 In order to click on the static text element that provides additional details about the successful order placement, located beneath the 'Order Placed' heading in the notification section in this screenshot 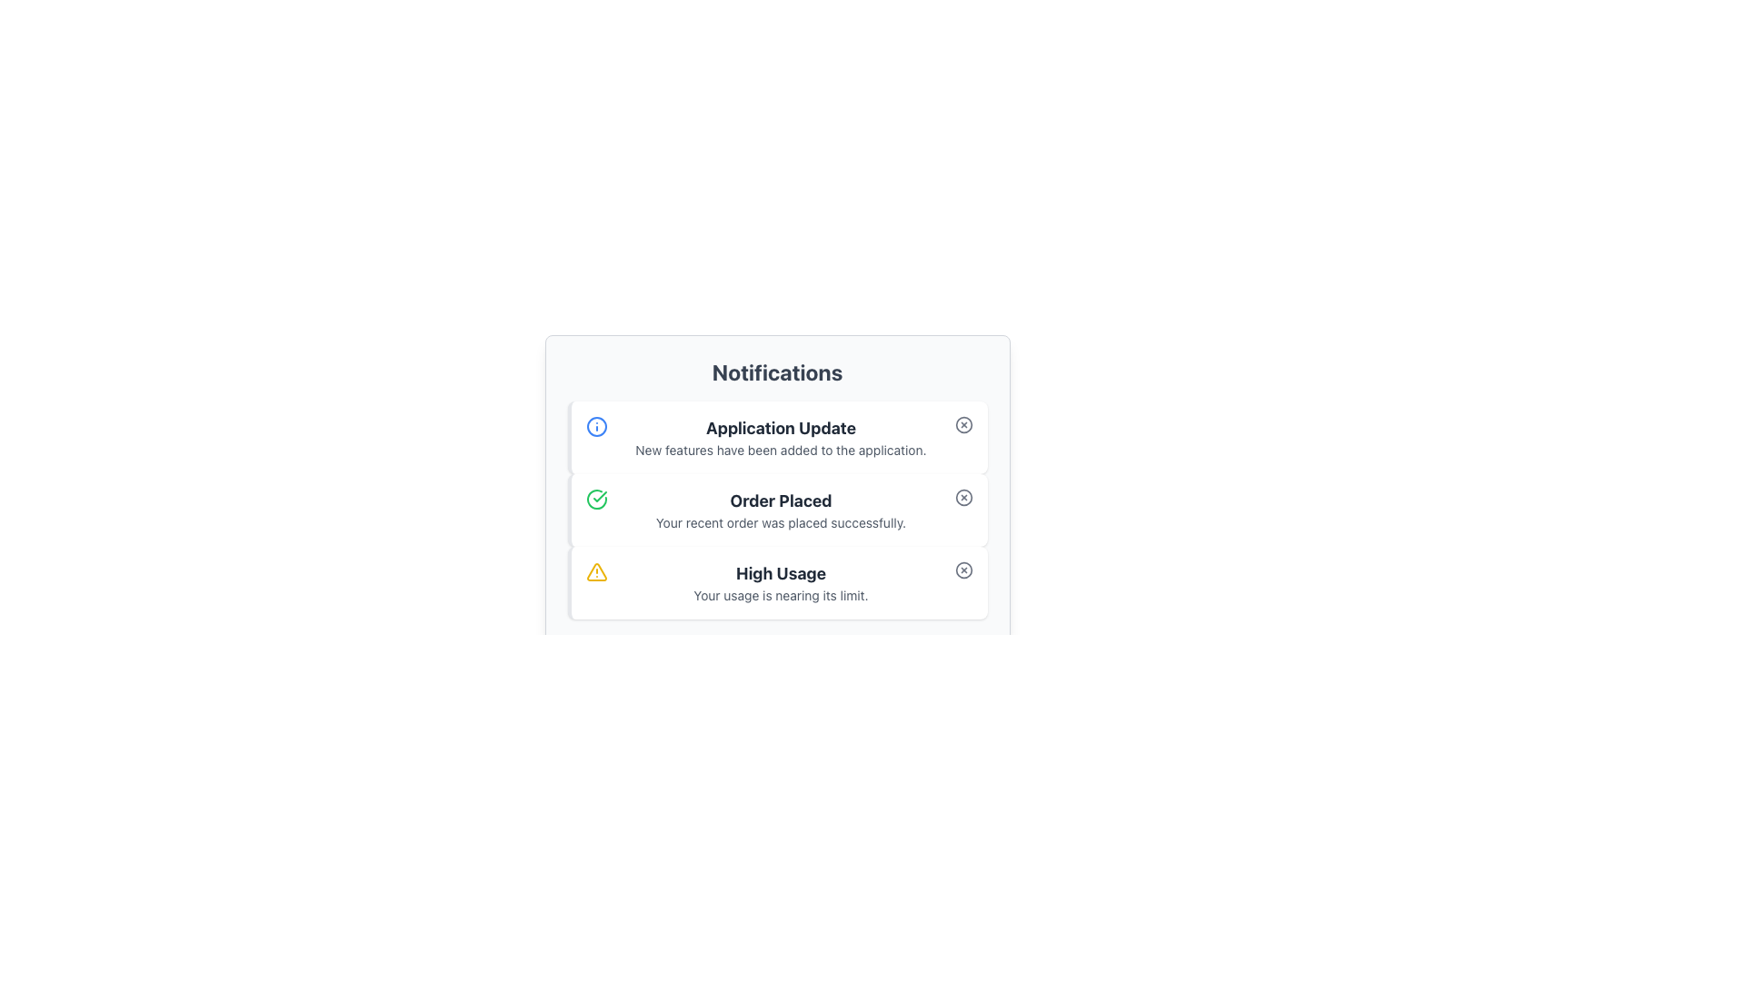, I will do `click(781, 522)`.